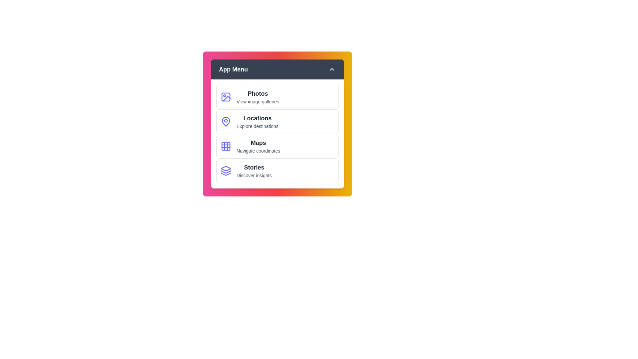  What do you see at coordinates (277, 97) in the screenshot?
I see `the menu item corresponding to Photos` at bounding box center [277, 97].